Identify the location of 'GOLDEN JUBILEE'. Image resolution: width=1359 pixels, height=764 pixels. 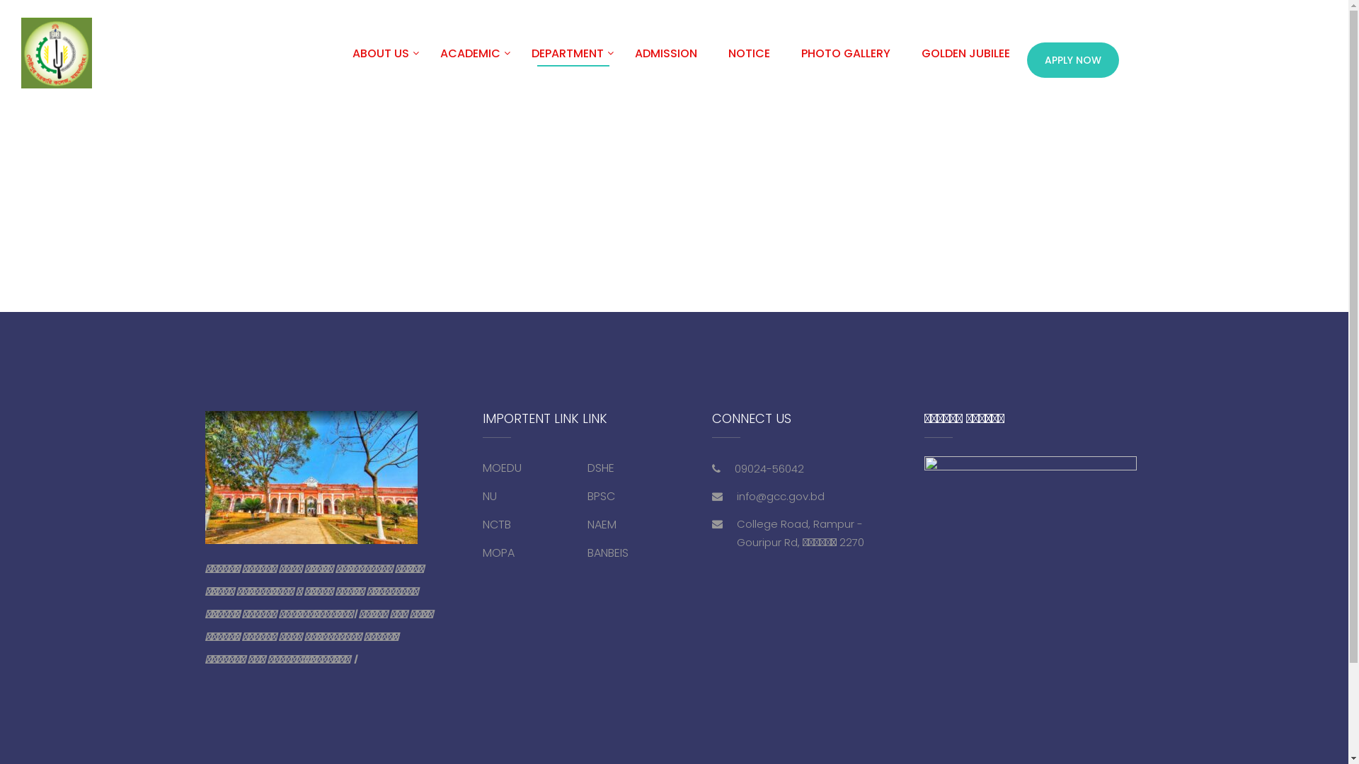
(965, 59).